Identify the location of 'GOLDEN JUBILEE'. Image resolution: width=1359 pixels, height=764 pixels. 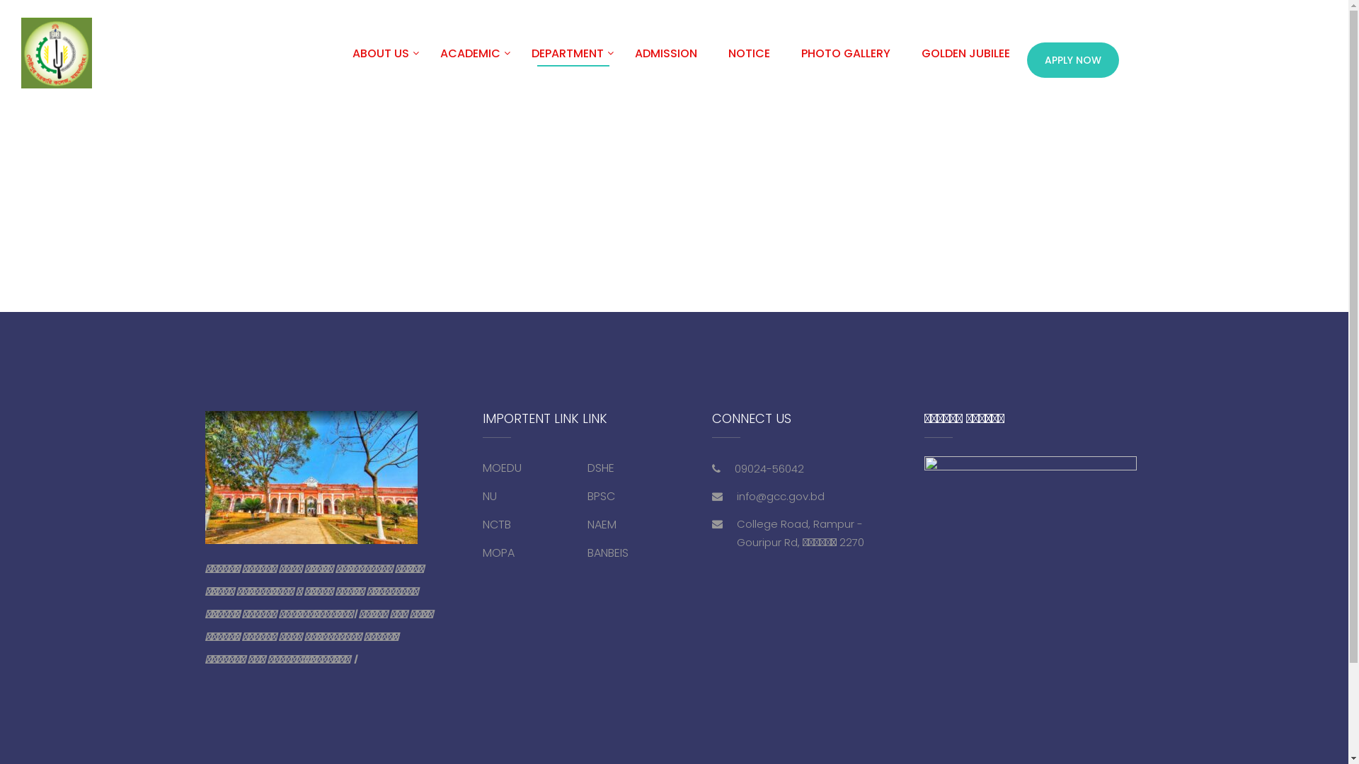
(965, 59).